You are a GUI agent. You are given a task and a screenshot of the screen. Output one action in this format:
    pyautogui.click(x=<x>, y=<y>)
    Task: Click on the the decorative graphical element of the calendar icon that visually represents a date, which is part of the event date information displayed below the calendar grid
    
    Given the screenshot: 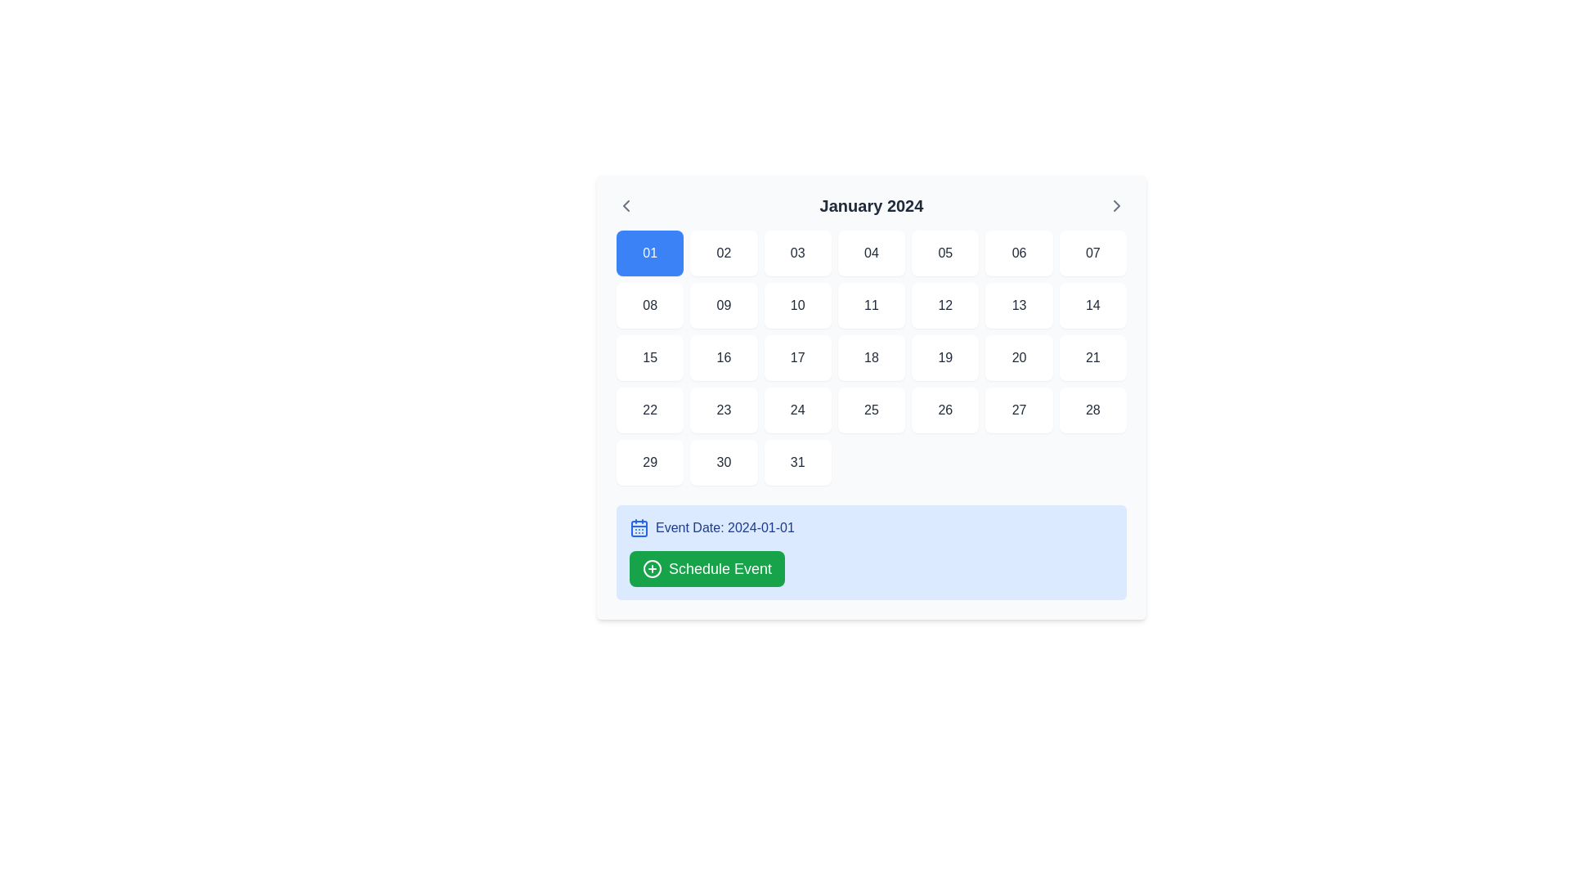 What is the action you would take?
    pyautogui.click(x=639, y=529)
    